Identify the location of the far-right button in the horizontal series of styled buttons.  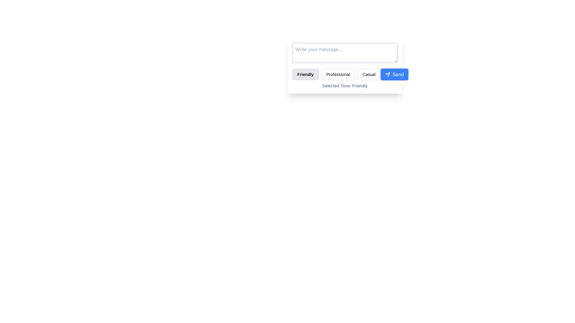
(394, 74).